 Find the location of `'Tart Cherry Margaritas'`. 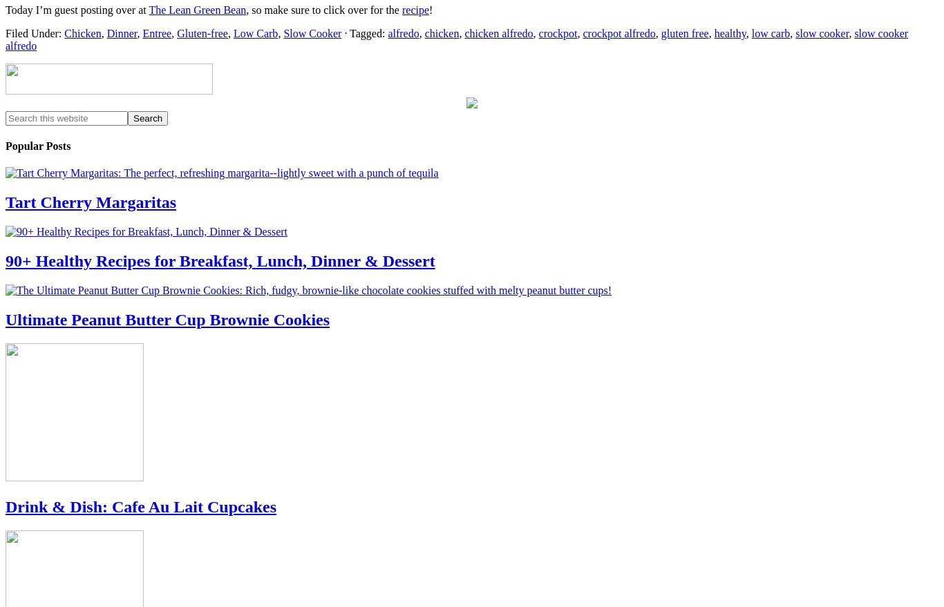

'Tart Cherry Margaritas' is located at coordinates (90, 202).